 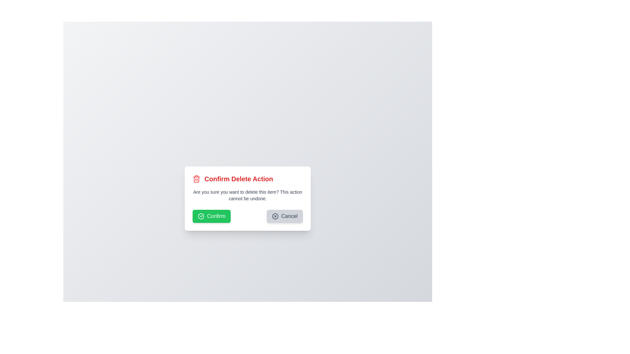 What do you see at coordinates (196, 179) in the screenshot?
I see `the trash can icon element, which represents the delete action in the confirmation dialog, located at the center of the icon` at bounding box center [196, 179].